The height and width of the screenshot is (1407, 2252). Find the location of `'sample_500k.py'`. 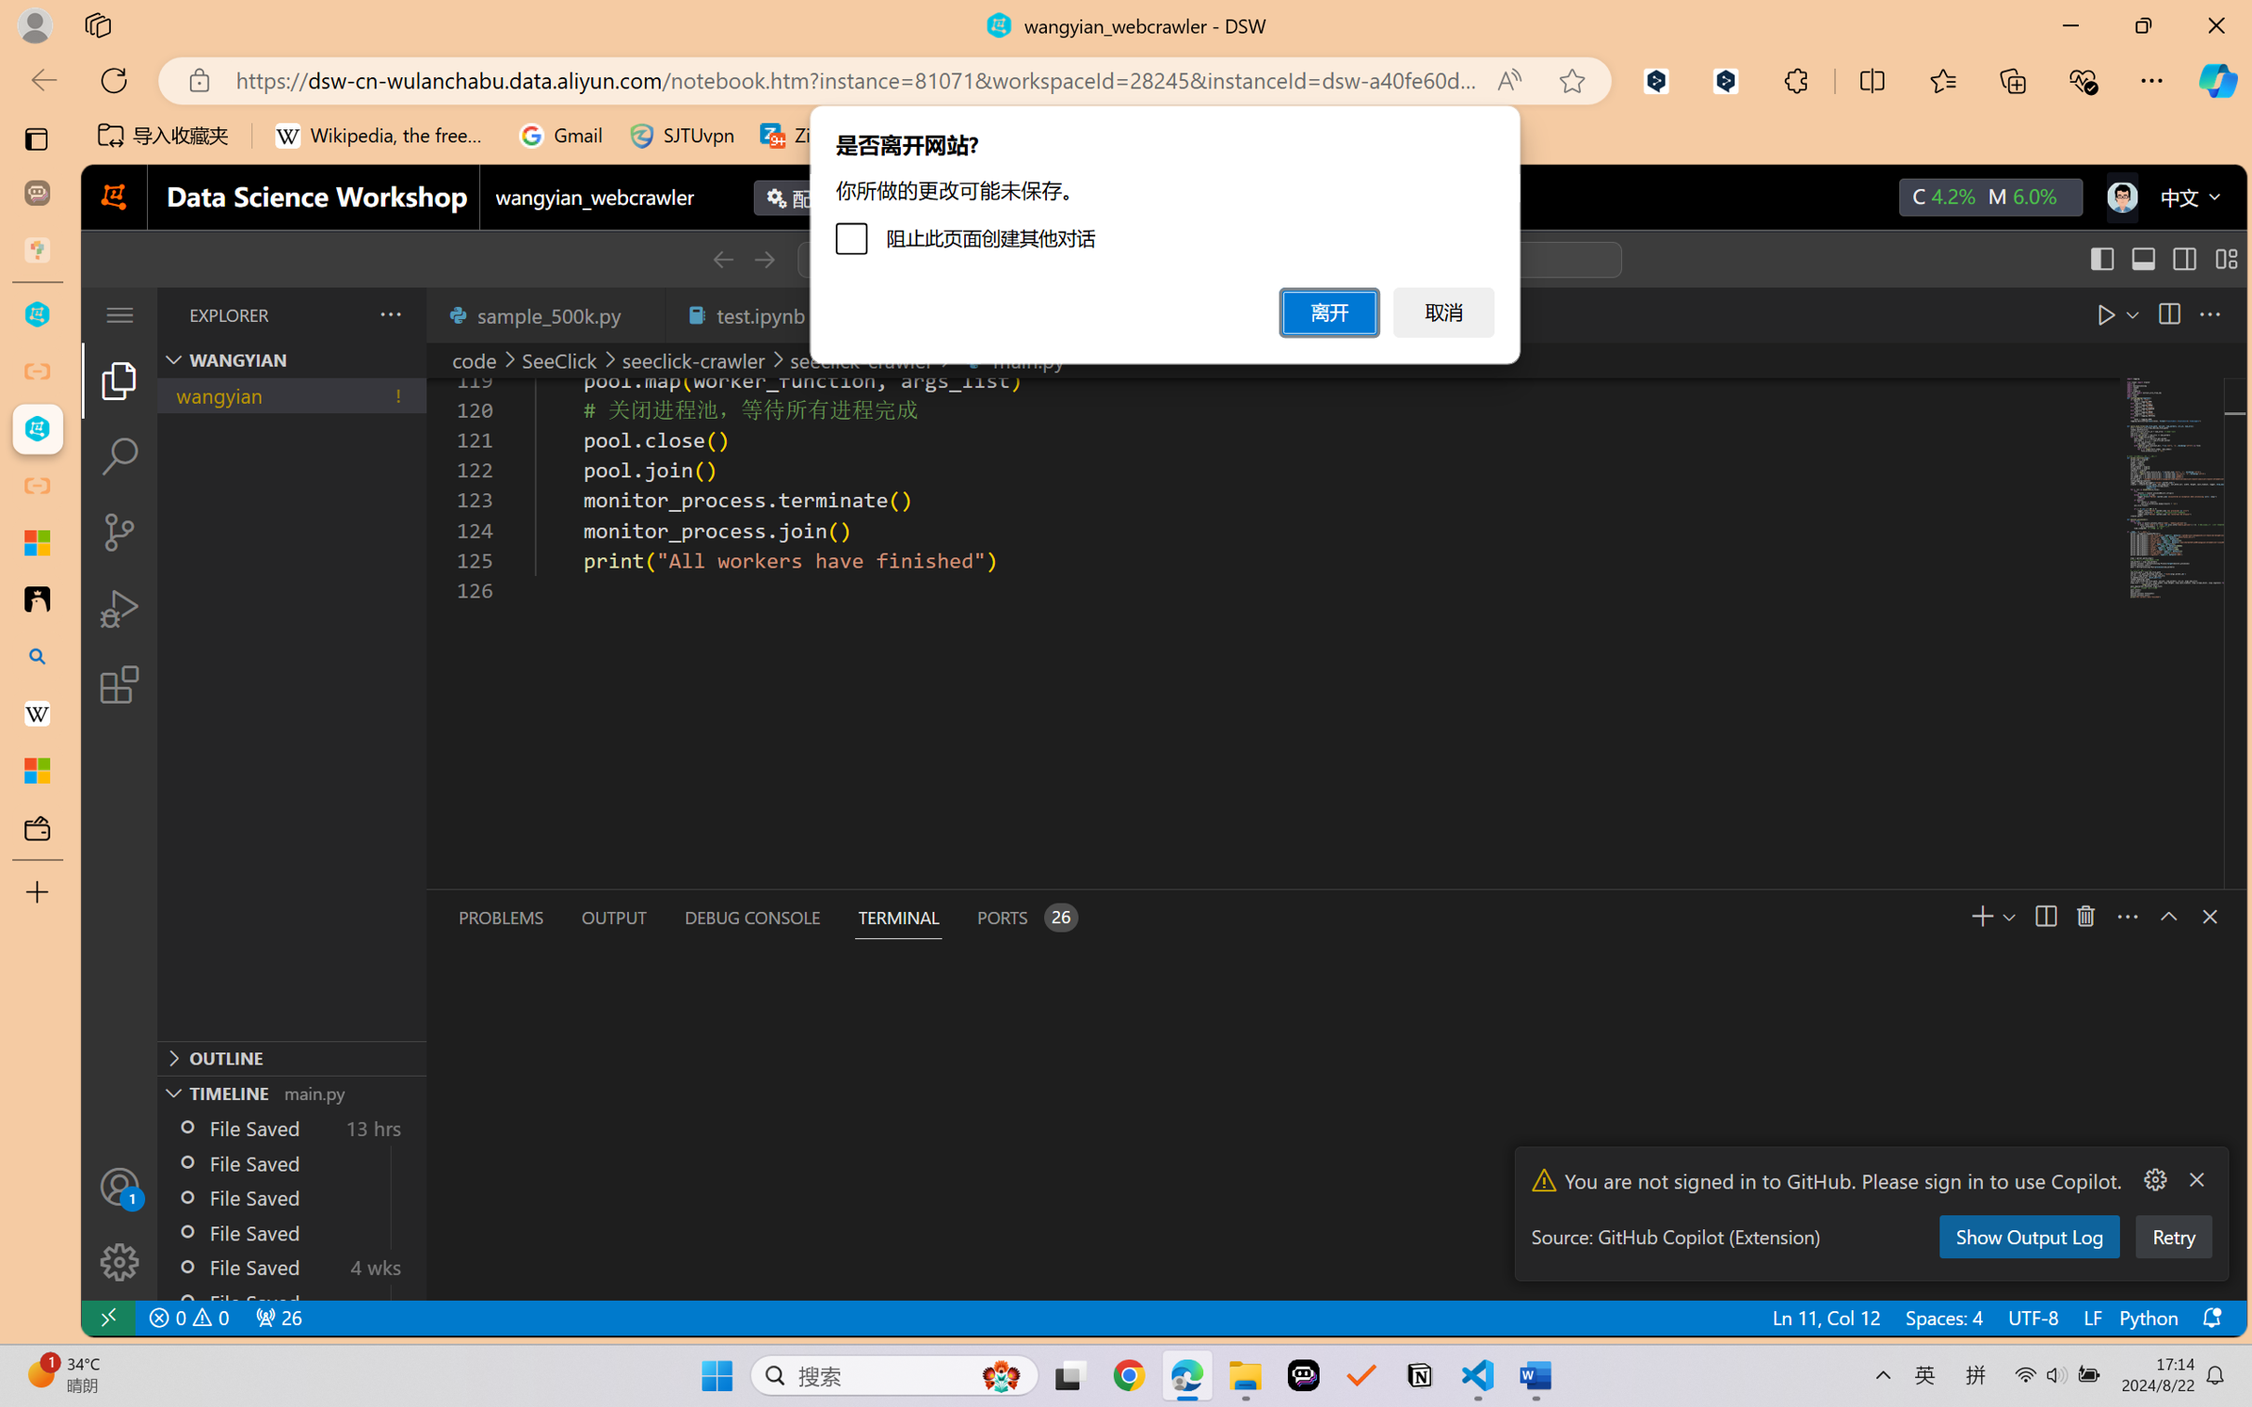

'sample_500k.py' is located at coordinates (544, 314).